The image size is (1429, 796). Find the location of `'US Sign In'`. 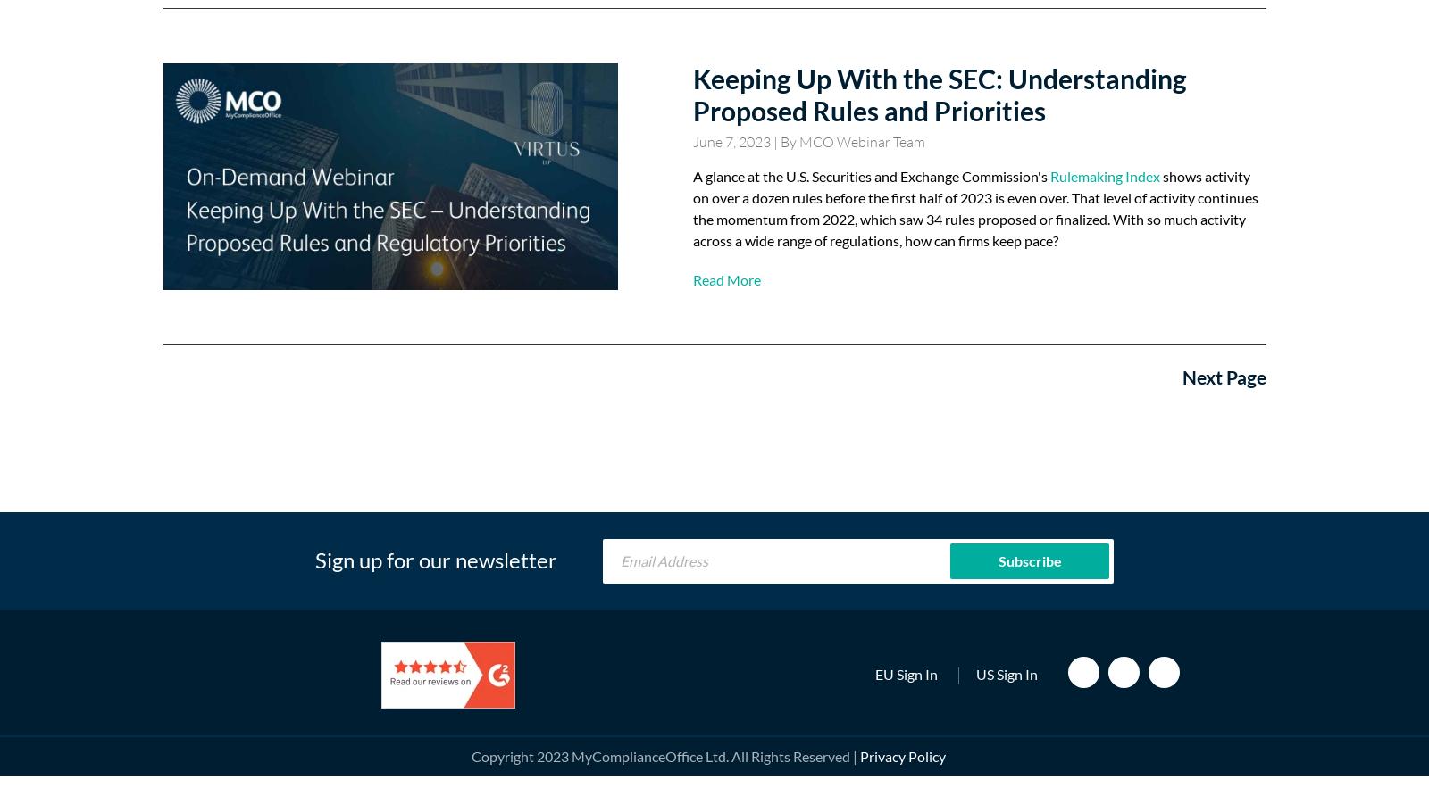

'US Sign In' is located at coordinates (1006, 674).